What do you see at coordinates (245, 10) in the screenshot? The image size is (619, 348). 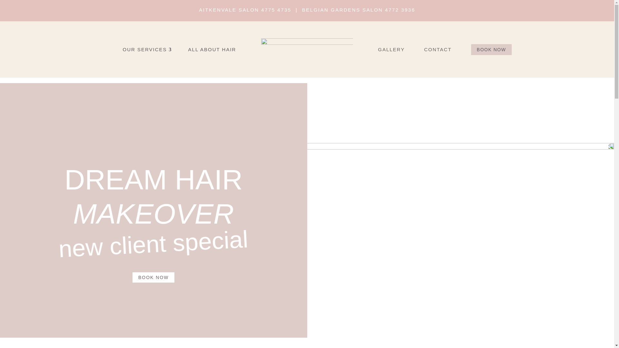 I see `'AITKENVALE SALON 4775 4735'` at bounding box center [245, 10].